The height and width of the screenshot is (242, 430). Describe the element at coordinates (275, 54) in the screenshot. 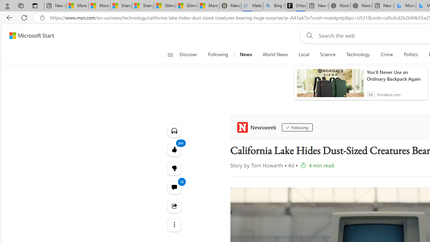

I see `'World News'` at that location.